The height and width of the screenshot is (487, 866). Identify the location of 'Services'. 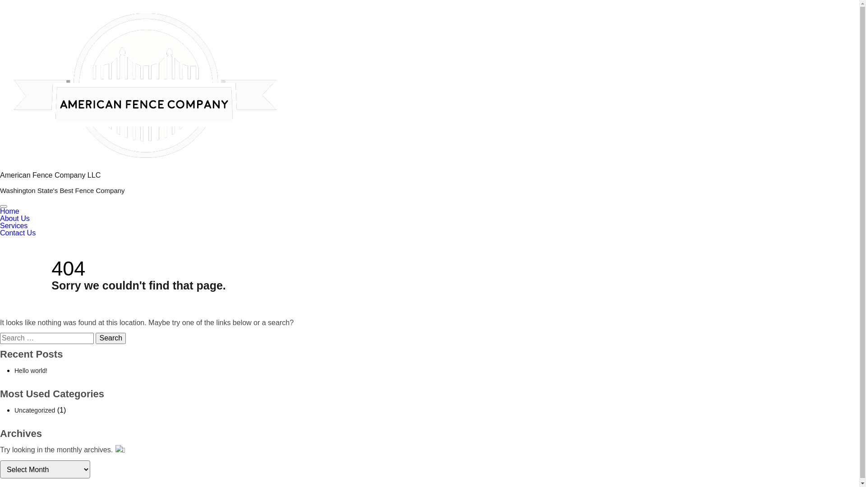
(14, 225).